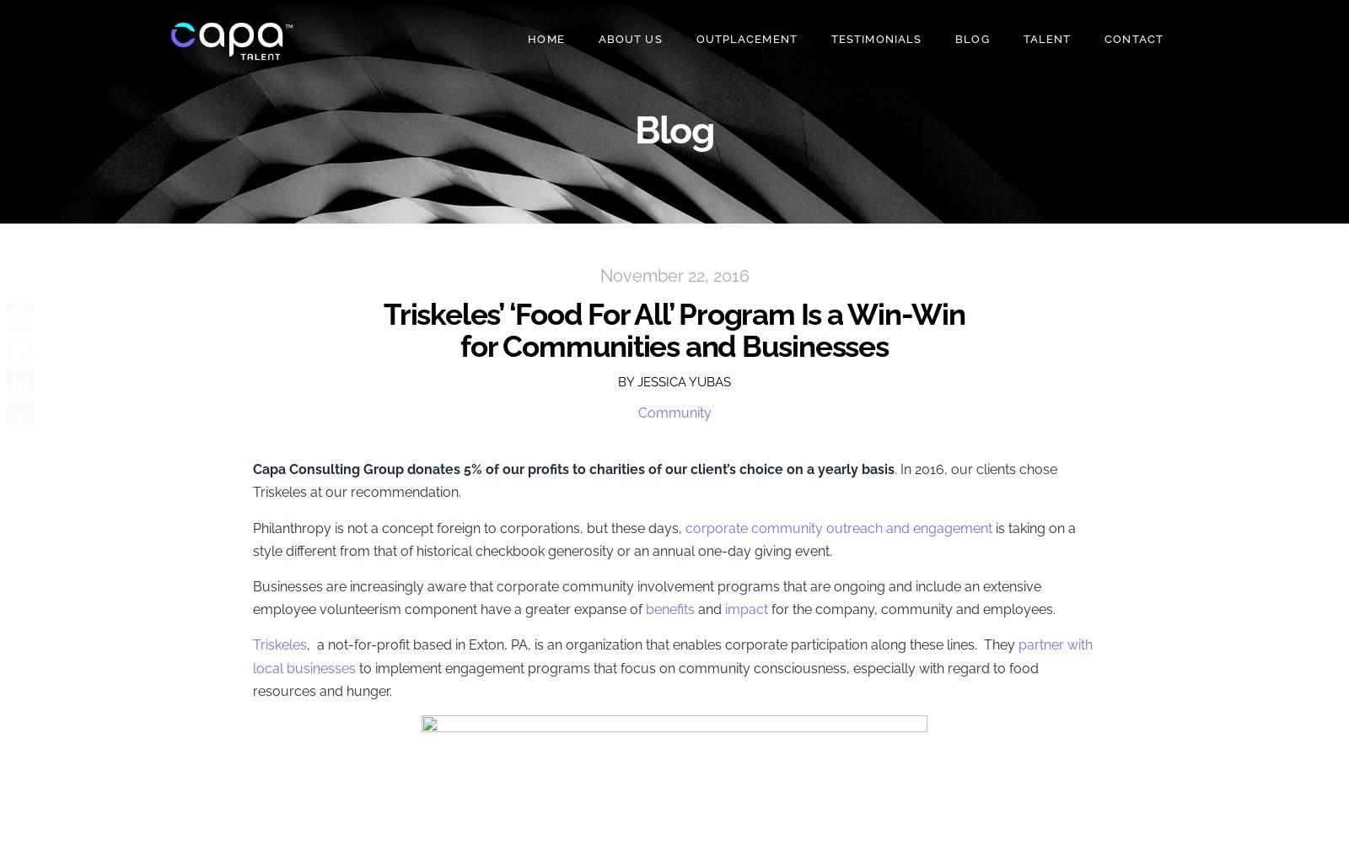  I want to click on 'Businesses are increasingly aware that corporate community involvement programs that are ongoing and include an extensive employee volunteerism component have a greater expanse of', so click(647, 596).